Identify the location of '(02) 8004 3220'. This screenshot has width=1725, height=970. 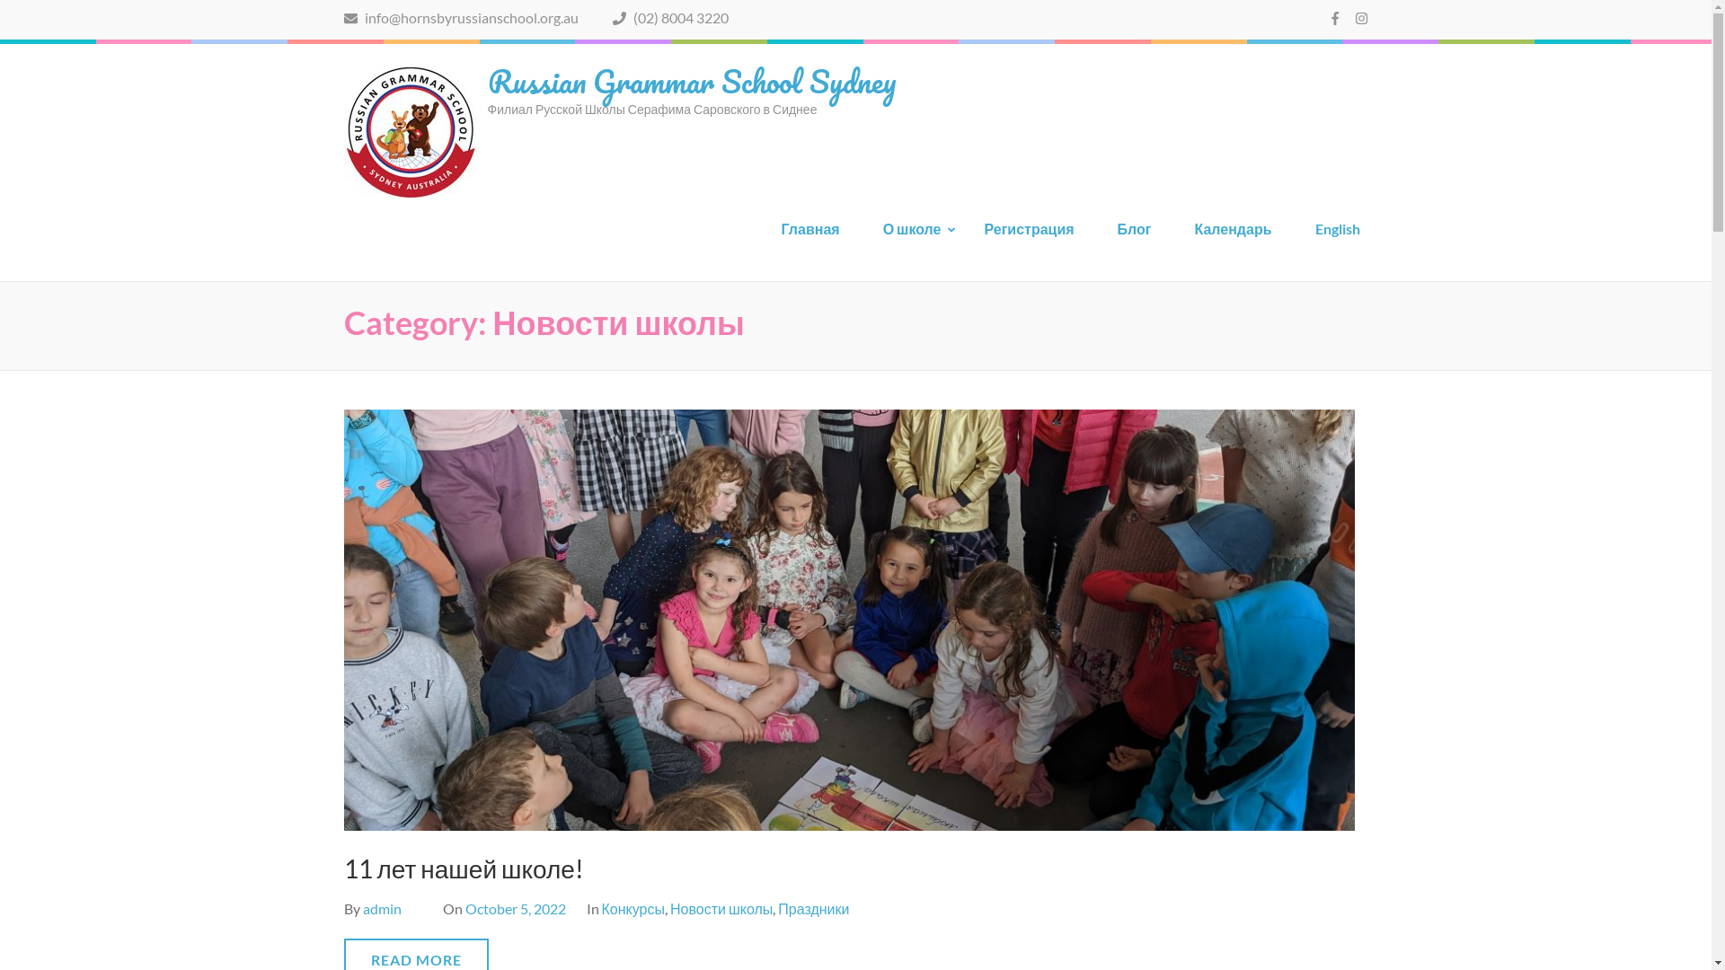
(612, 17).